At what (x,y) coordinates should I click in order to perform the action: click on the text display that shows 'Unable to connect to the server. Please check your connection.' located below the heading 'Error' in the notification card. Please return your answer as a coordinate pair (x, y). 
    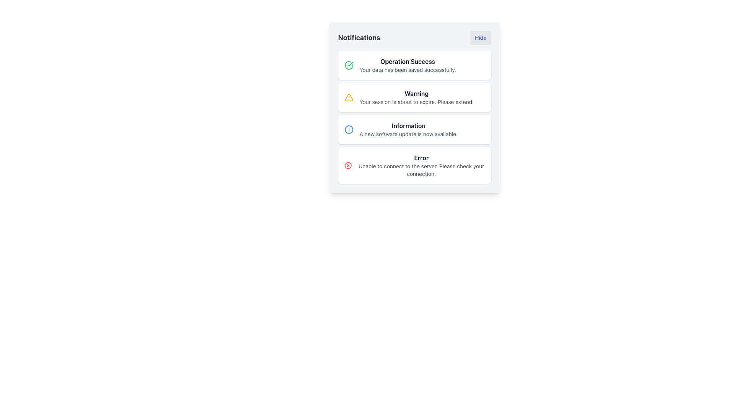
    Looking at the image, I should click on (421, 169).